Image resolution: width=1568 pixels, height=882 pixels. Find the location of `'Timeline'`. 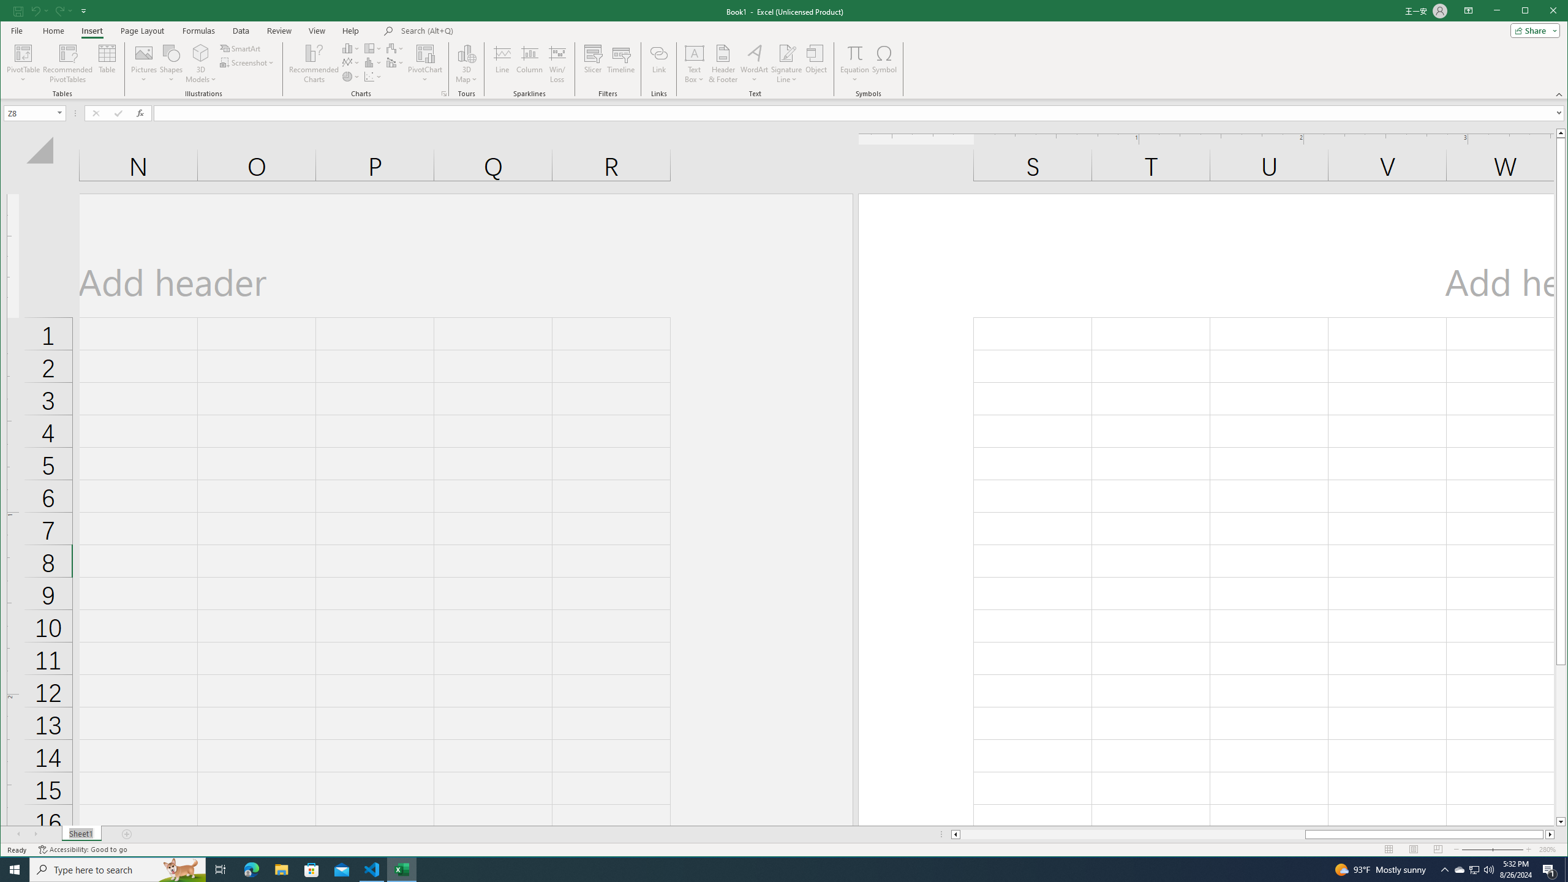

'Timeline' is located at coordinates (620, 63).